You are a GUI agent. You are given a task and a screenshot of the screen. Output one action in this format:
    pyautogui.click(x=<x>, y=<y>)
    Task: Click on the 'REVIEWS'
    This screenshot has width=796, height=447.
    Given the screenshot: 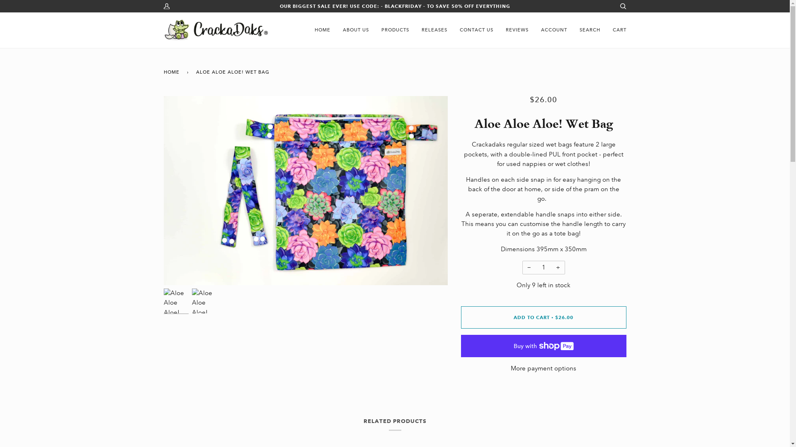 What is the action you would take?
    pyautogui.click(x=516, y=30)
    